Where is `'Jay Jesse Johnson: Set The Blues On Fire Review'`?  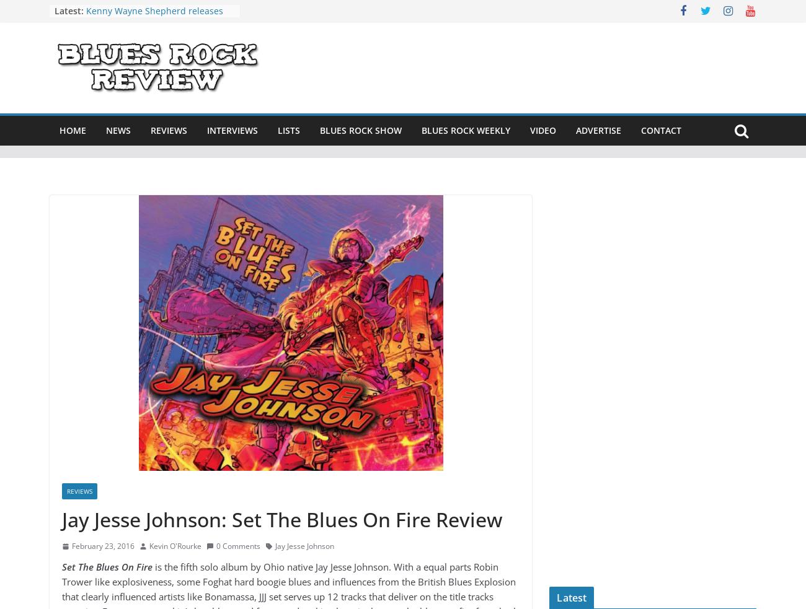 'Jay Jesse Johnson: Set The Blues On Fire Review' is located at coordinates (281, 519).